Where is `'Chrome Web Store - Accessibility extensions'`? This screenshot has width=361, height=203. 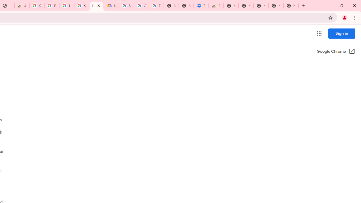
'Chrome Web Store - Accessibility extensions' is located at coordinates (216, 6).